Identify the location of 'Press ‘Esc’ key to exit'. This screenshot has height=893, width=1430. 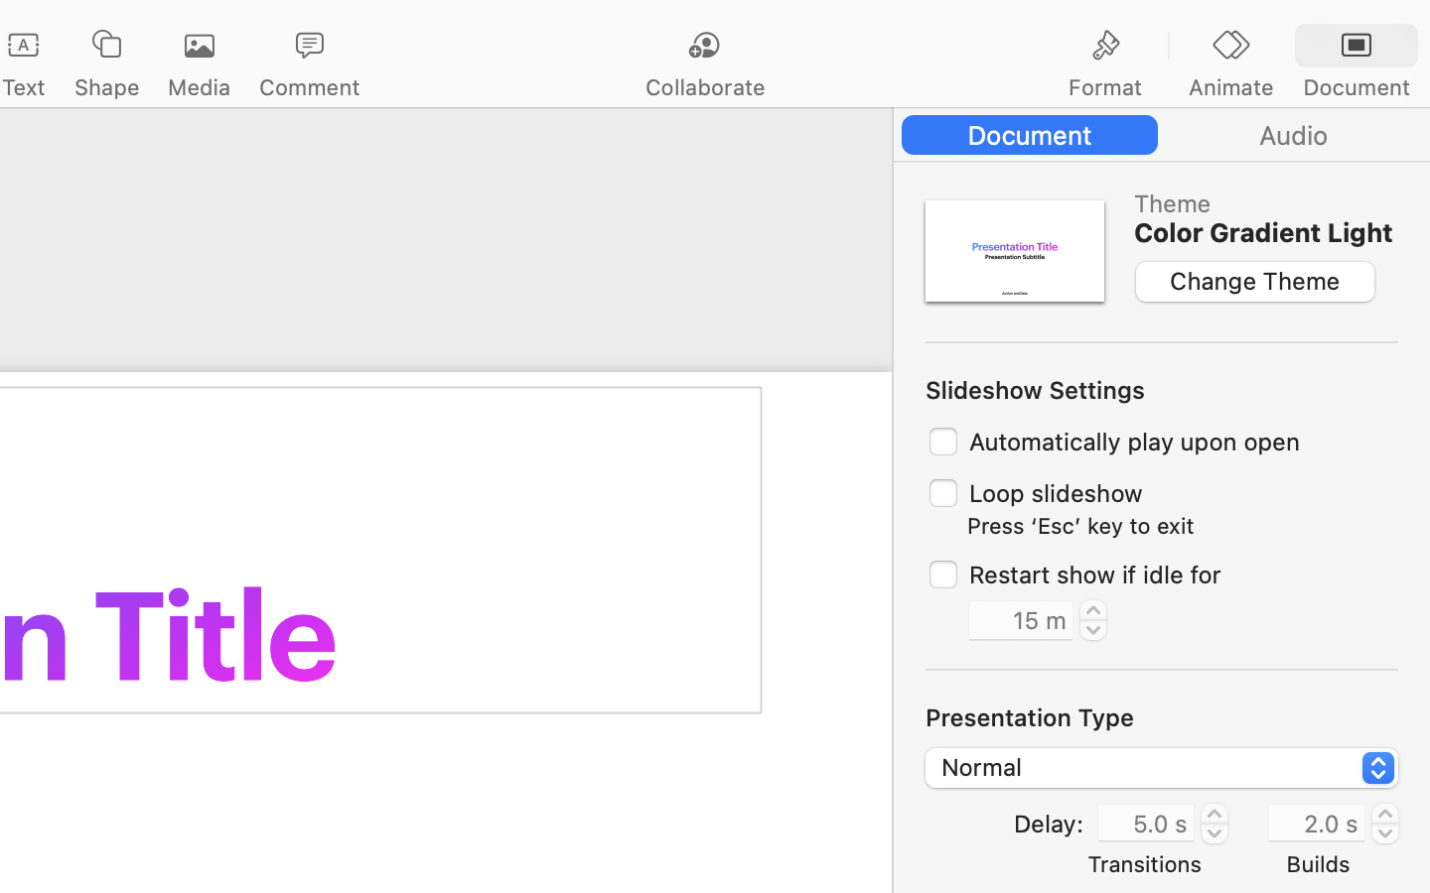
(1079, 525).